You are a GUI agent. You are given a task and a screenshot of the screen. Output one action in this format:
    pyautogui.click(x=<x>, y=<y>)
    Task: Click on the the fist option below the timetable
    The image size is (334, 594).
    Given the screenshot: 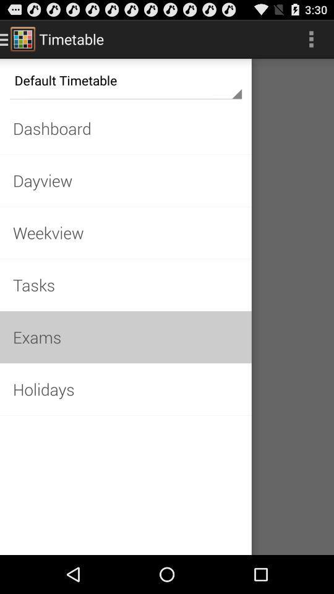 What is the action you would take?
    pyautogui.click(x=125, y=79)
    